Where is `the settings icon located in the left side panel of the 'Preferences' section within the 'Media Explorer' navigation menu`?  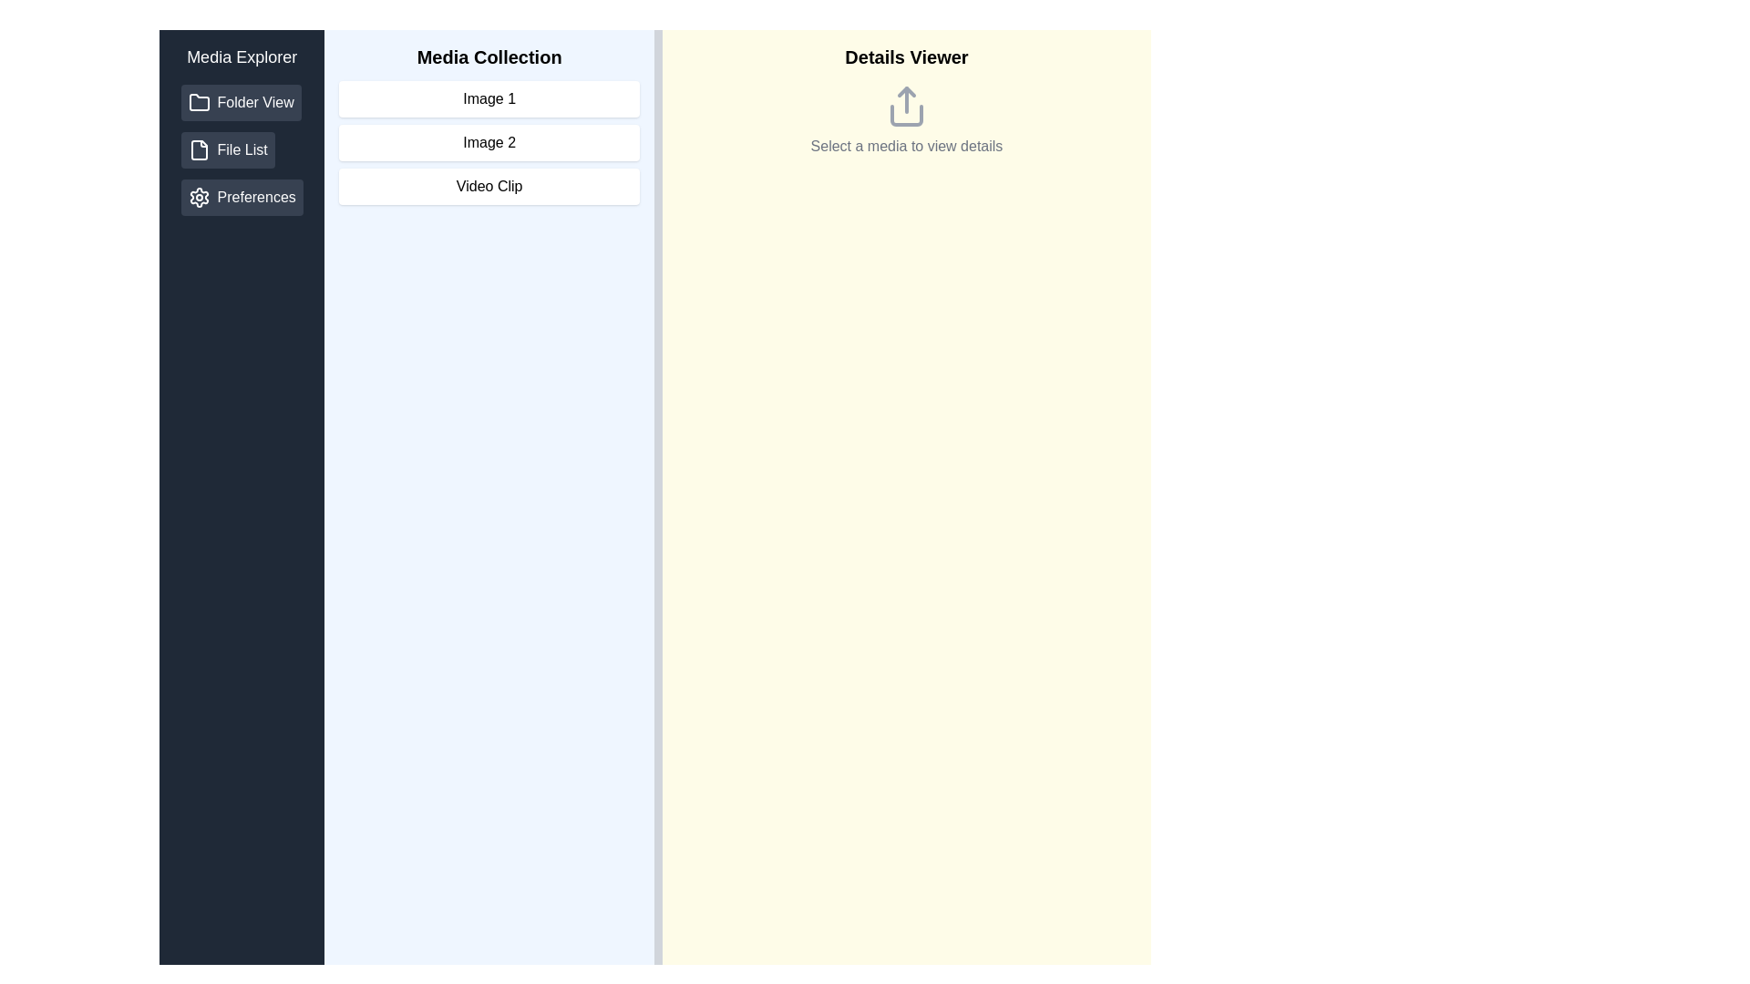
the settings icon located in the left side panel of the 'Preferences' section within the 'Media Explorer' navigation menu is located at coordinates (199, 197).